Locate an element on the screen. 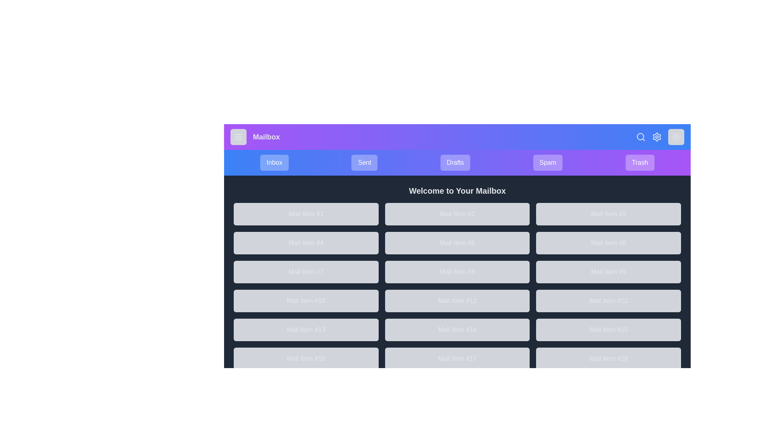  the navigation or action element Sent is located at coordinates (364, 163).